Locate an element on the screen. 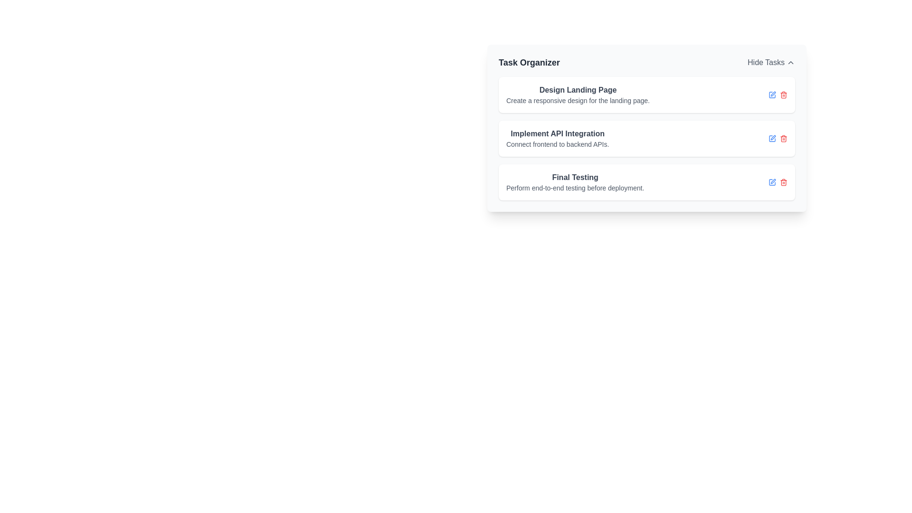 The width and height of the screenshot is (912, 513). the delete icon located at the rightmost position of the task row, adjacent to the blue pencil edit icon is located at coordinates (784, 182).